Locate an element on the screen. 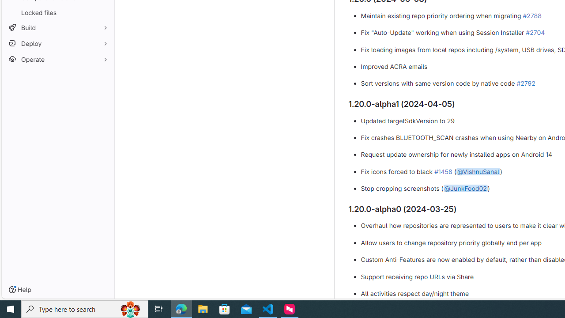 Image resolution: width=565 pixels, height=318 pixels. 'Locked files' is located at coordinates (57, 12).